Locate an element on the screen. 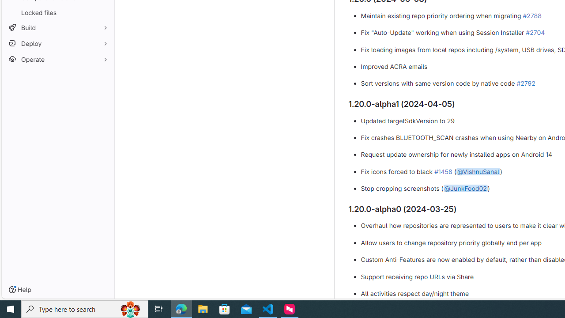 Image resolution: width=565 pixels, height=318 pixels. 'Locked files' is located at coordinates (57, 12).